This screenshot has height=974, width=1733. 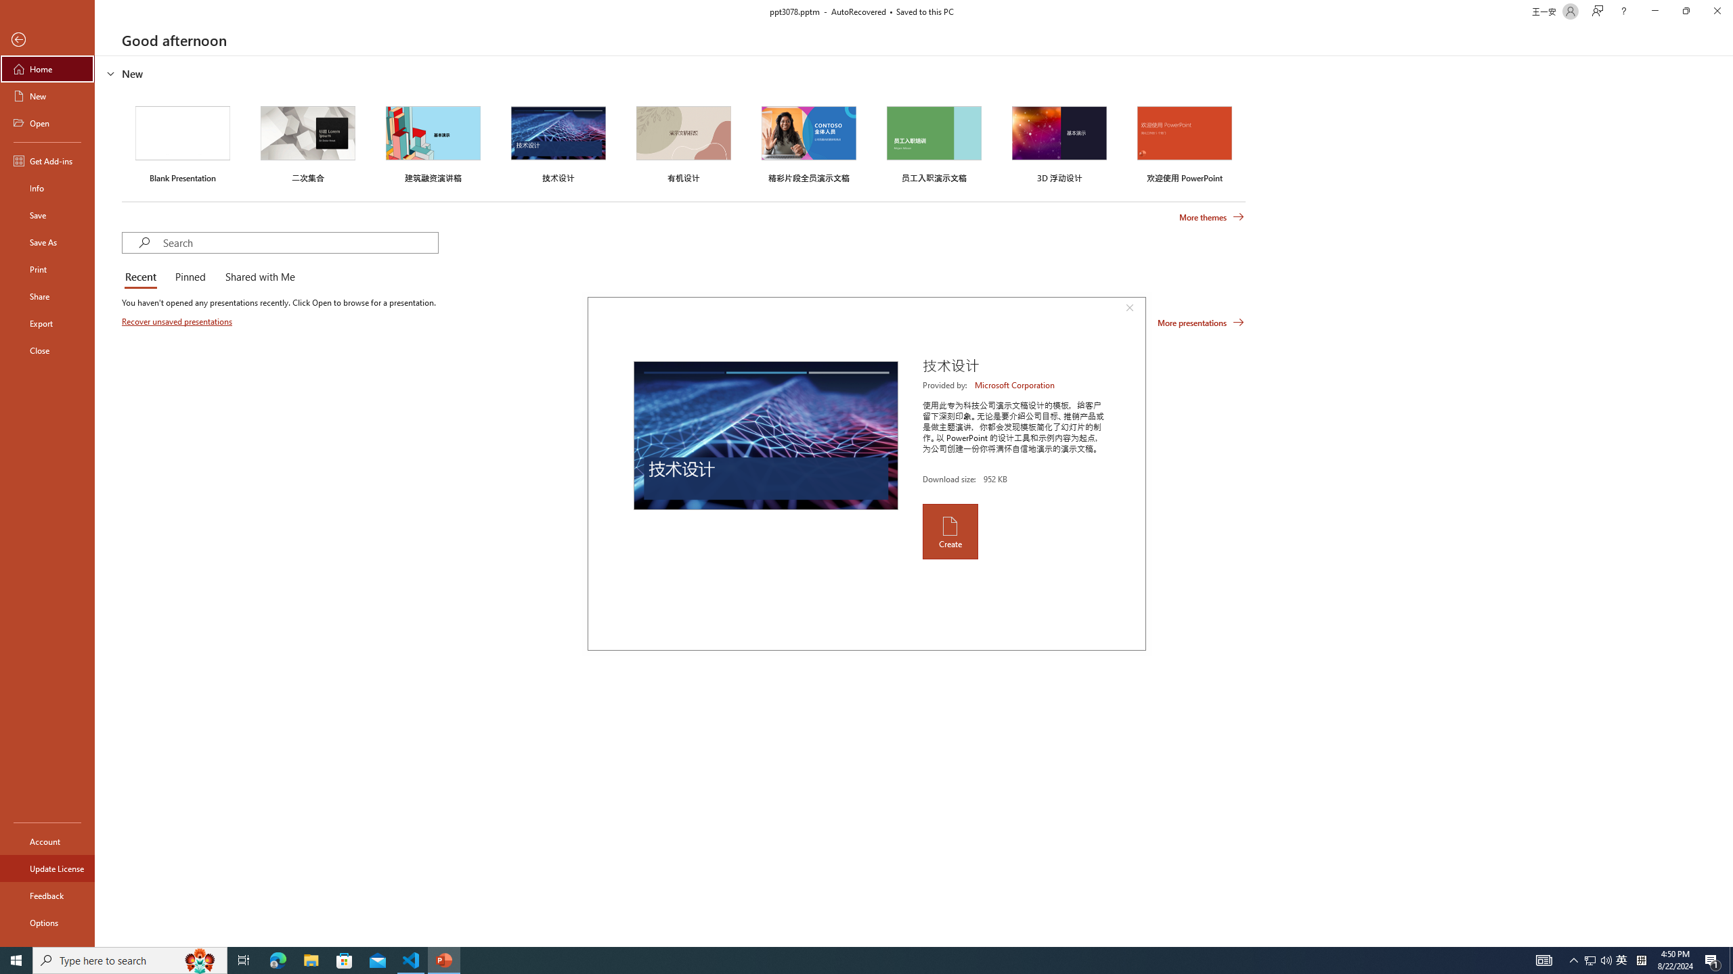 I want to click on 'Export', so click(x=47, y=323).